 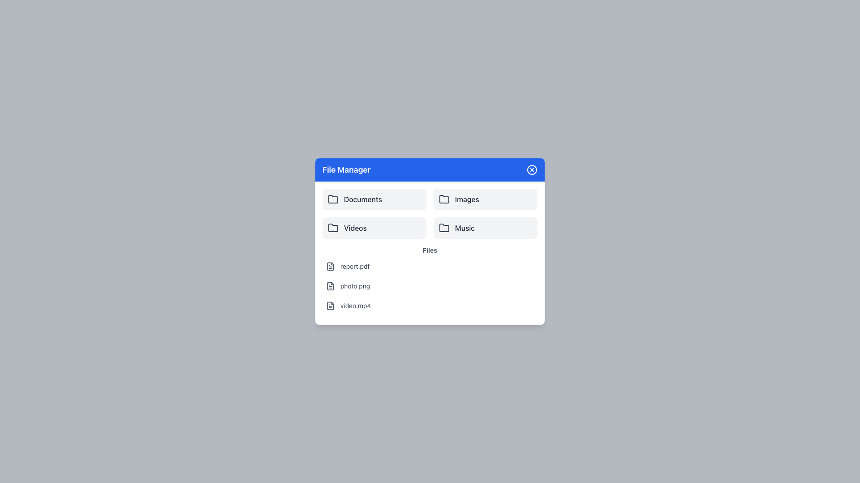 What do you see at coordinates (430, 250) in the screenshot?
I see `the Text Label that serves as a title or heading for the file listings, located near the top of the section just above the first file in the list` at bounding box center [430, 250].